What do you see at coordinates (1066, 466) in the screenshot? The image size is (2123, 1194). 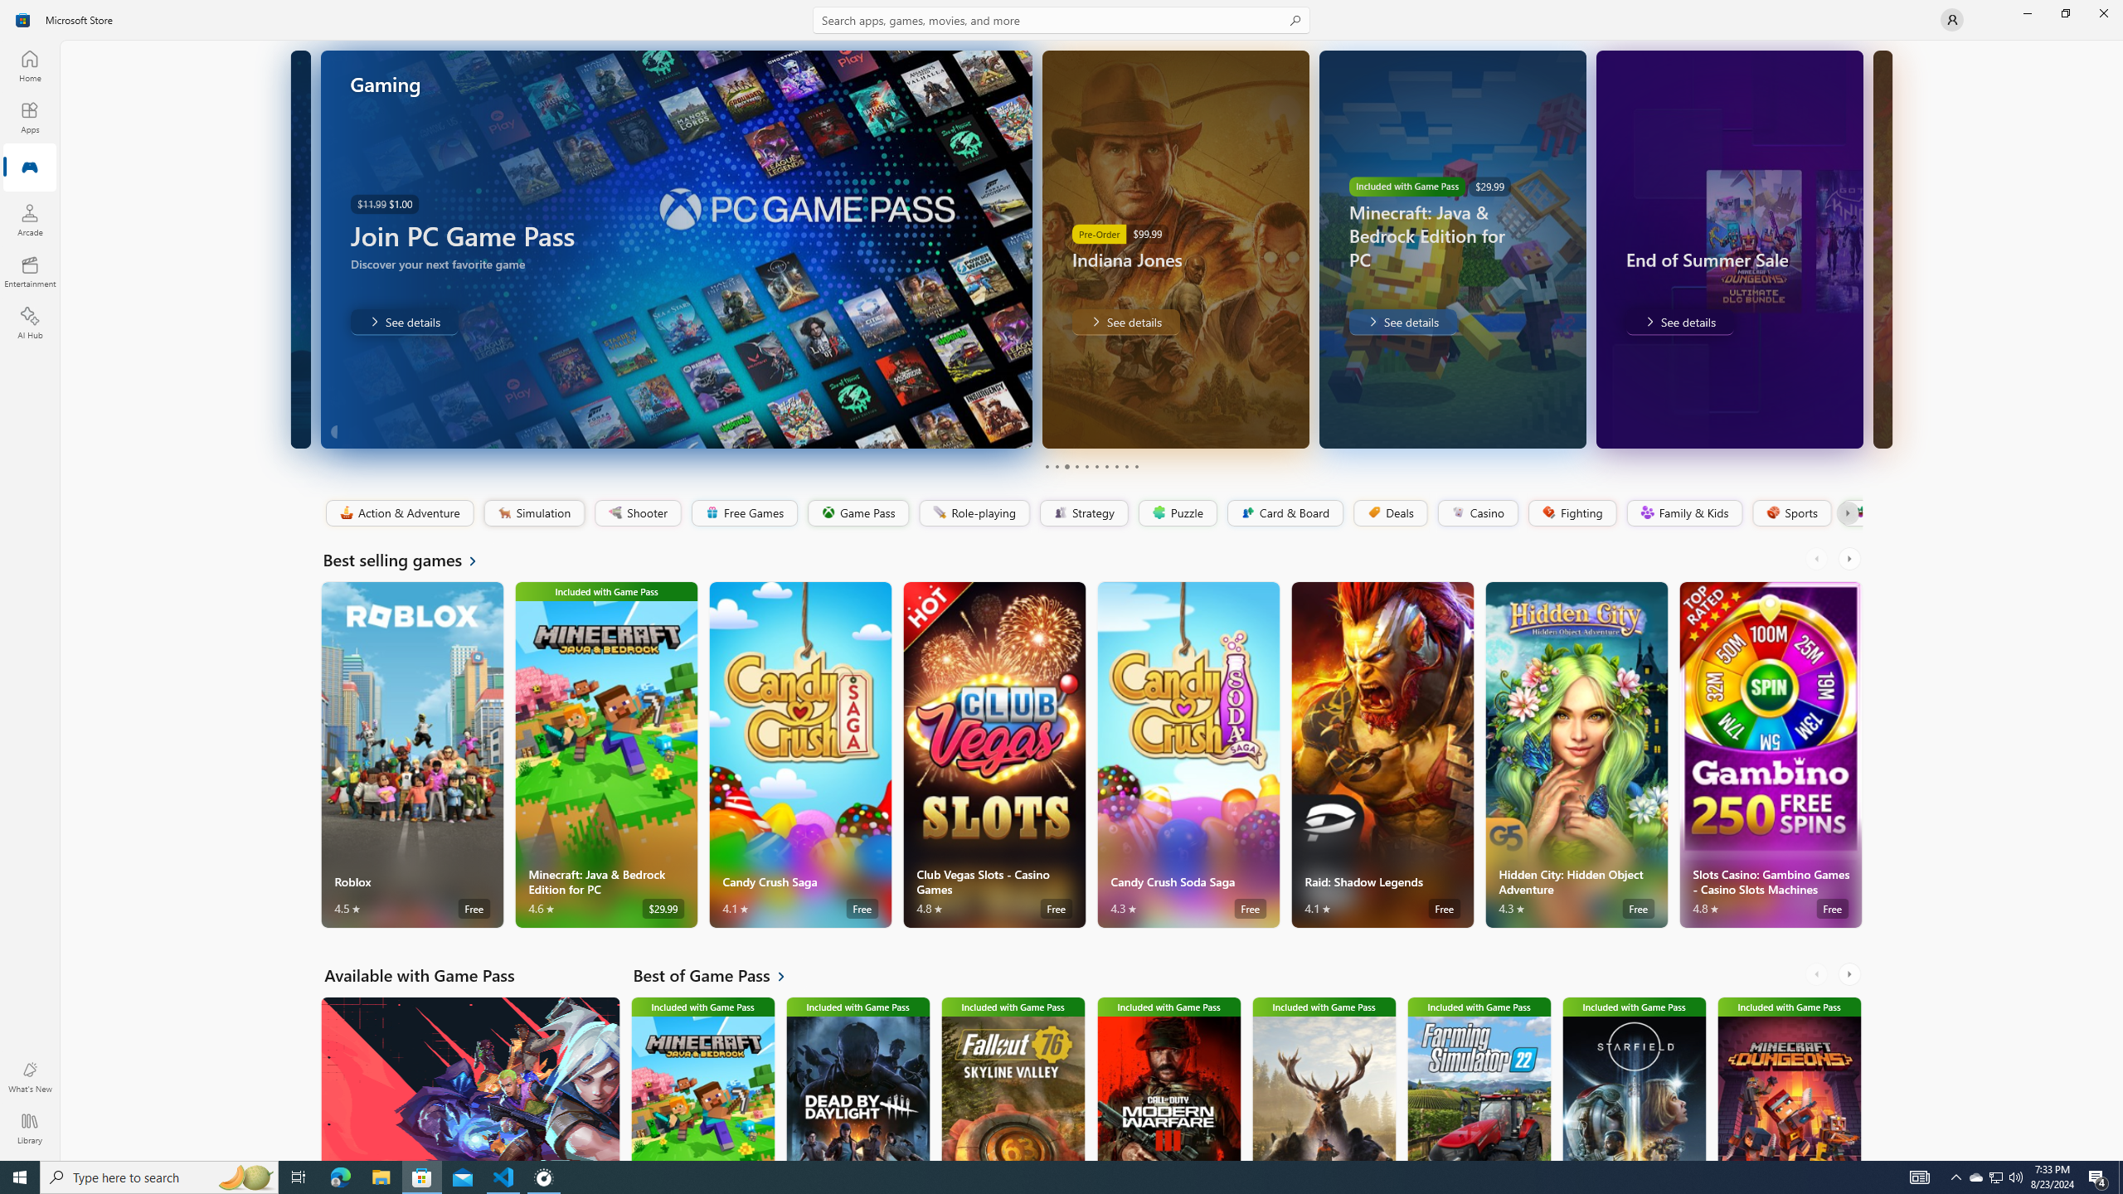 I see `'Page 3'` at bounding box center [1066, 466].